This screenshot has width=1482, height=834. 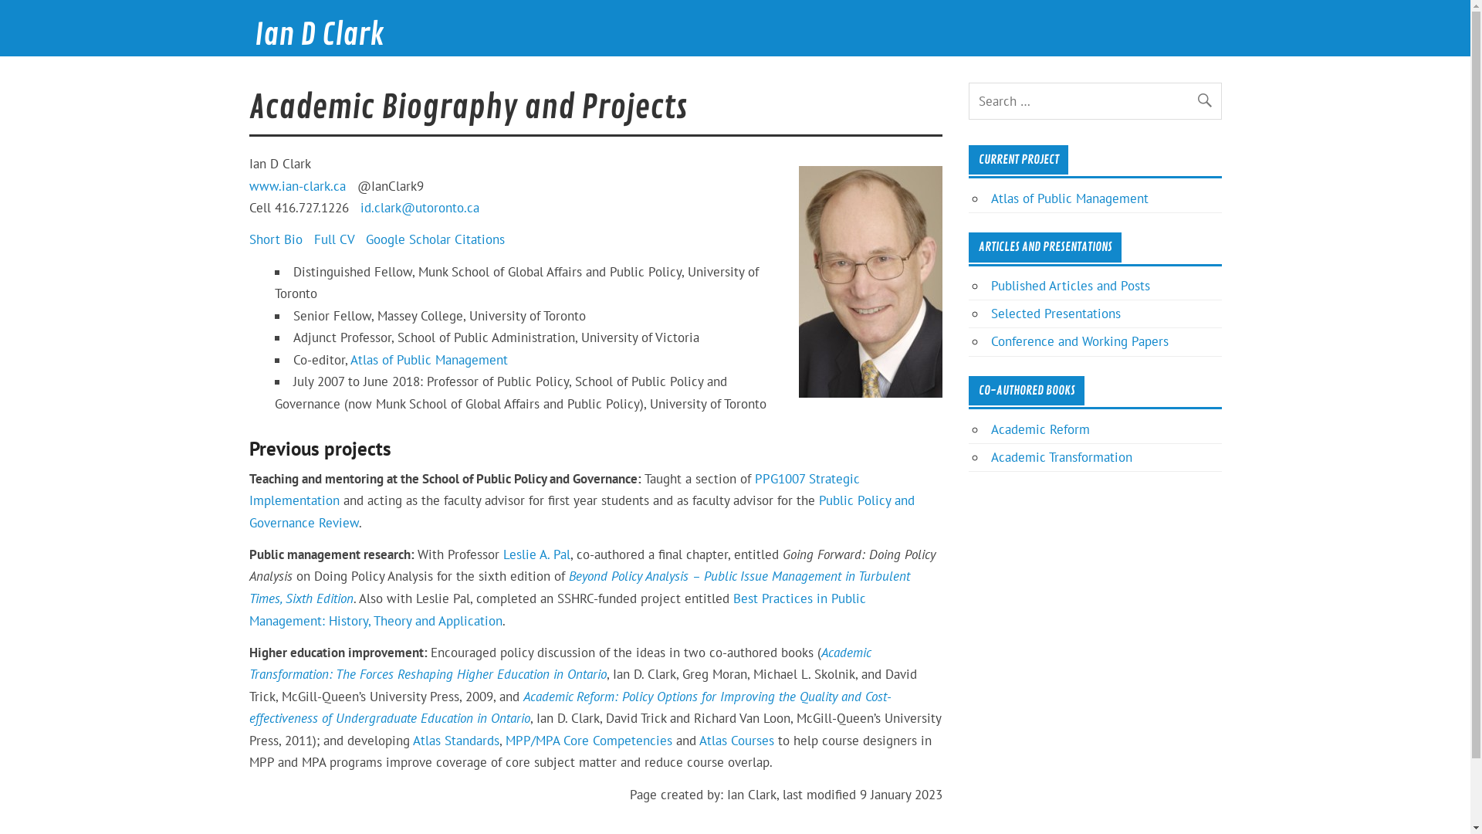 I want to click on 'Selected Presentations', so click(x=1055, y=313).